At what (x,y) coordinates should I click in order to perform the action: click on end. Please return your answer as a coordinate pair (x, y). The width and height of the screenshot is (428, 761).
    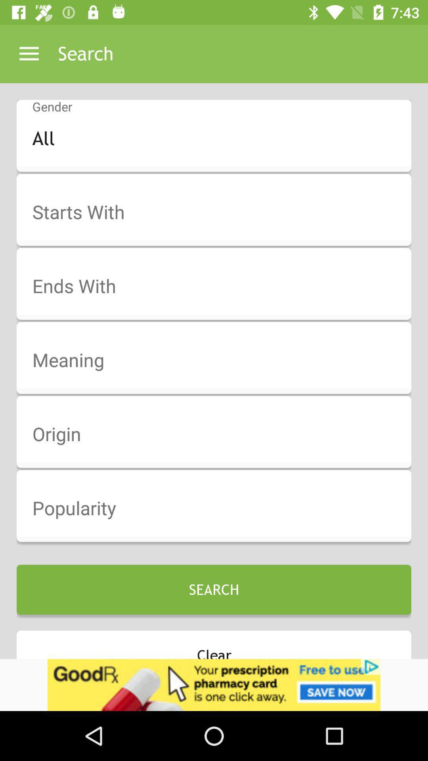
    Looking at the image, I should click on (219, 286).